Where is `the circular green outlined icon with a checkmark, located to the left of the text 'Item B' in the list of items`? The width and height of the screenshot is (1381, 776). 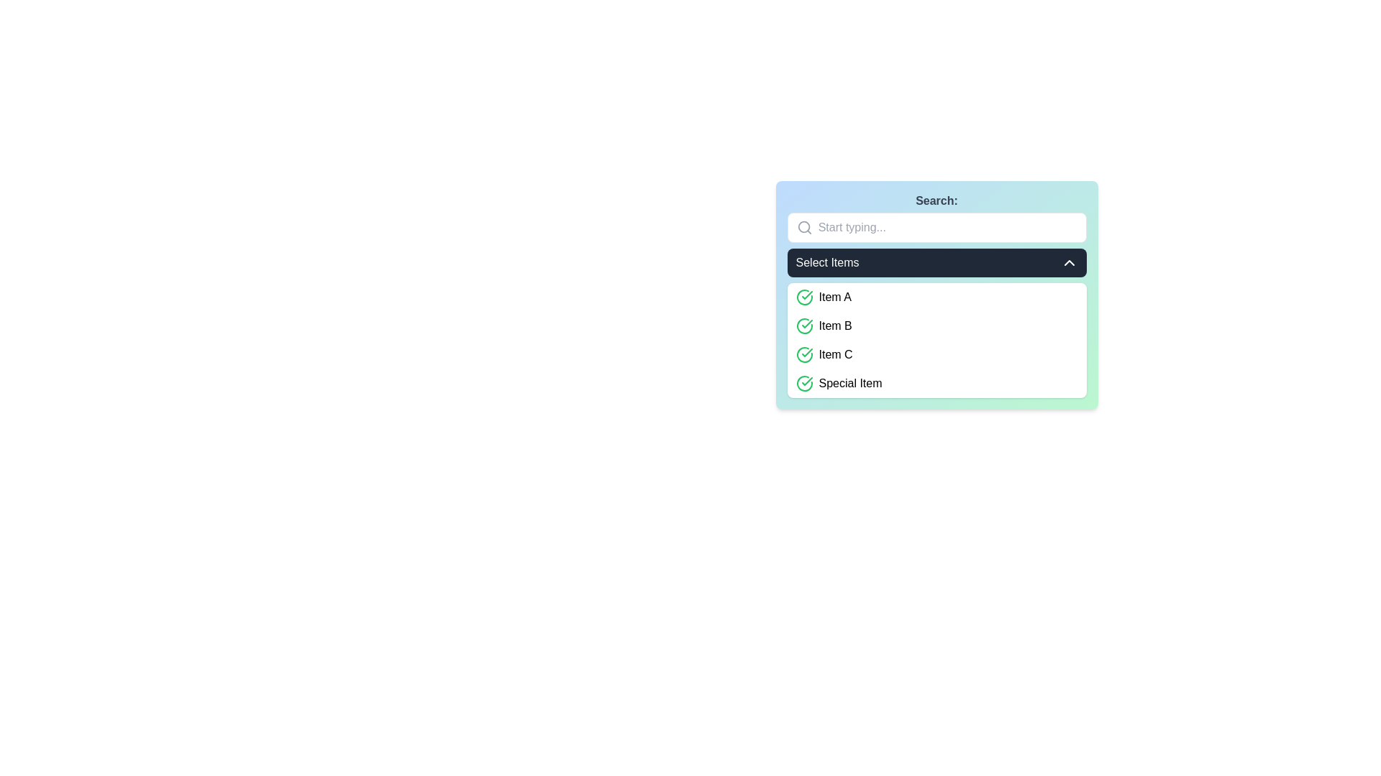
the circular green outlined icon with a checkmark, located to the left of the text 'Item B' in the list of items is located at coordinates (803, 326).